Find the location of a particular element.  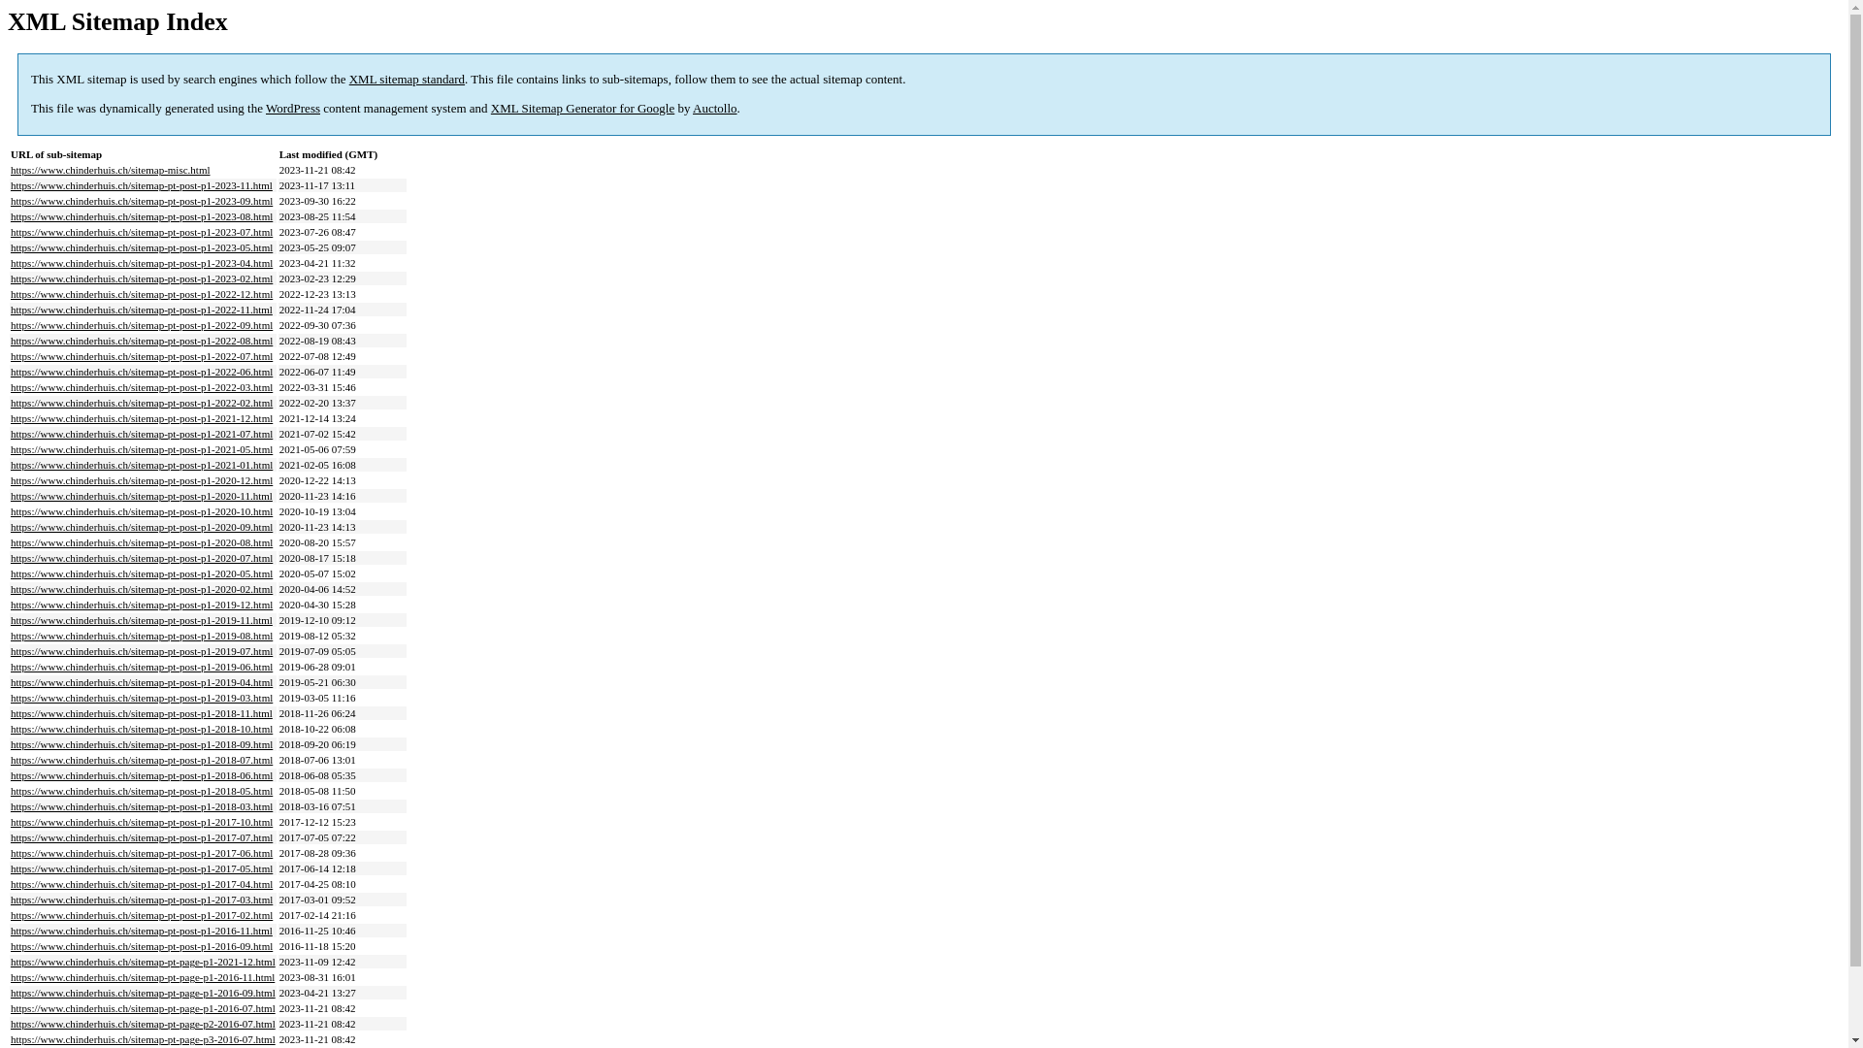

'https://www.chinderhuis.ch/sitemap-pt-page-p1-2016-11.html' is located at coordinates (142, 976).